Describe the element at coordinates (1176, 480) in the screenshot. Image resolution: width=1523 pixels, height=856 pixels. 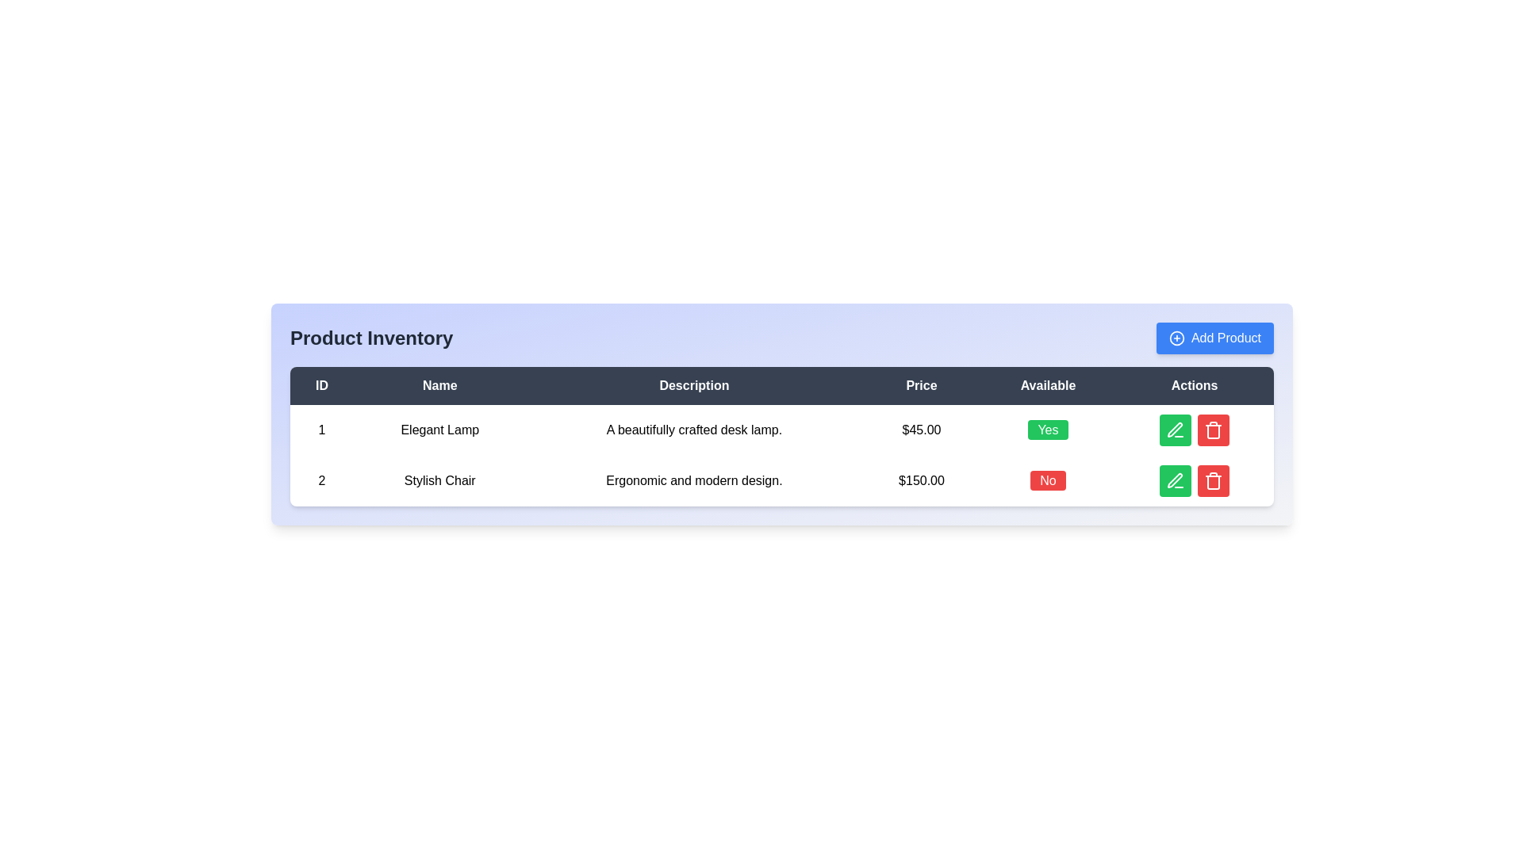
I see `the green button with a pen icon located in the 'Actions' column of the second row in the product inventory table` at that location.